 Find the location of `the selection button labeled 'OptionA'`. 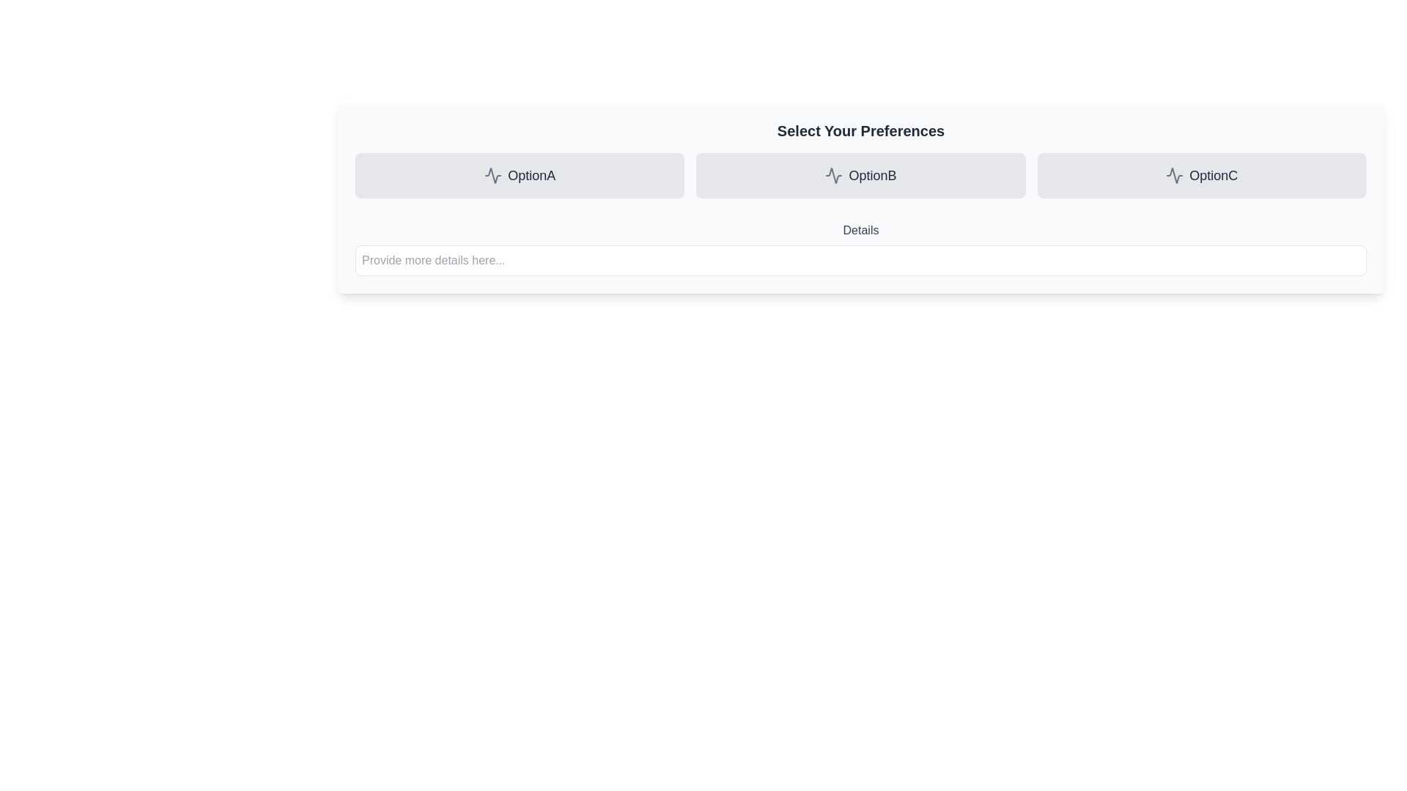

the selection button labeled 'OptionA' is located at coordinates (520, 174).